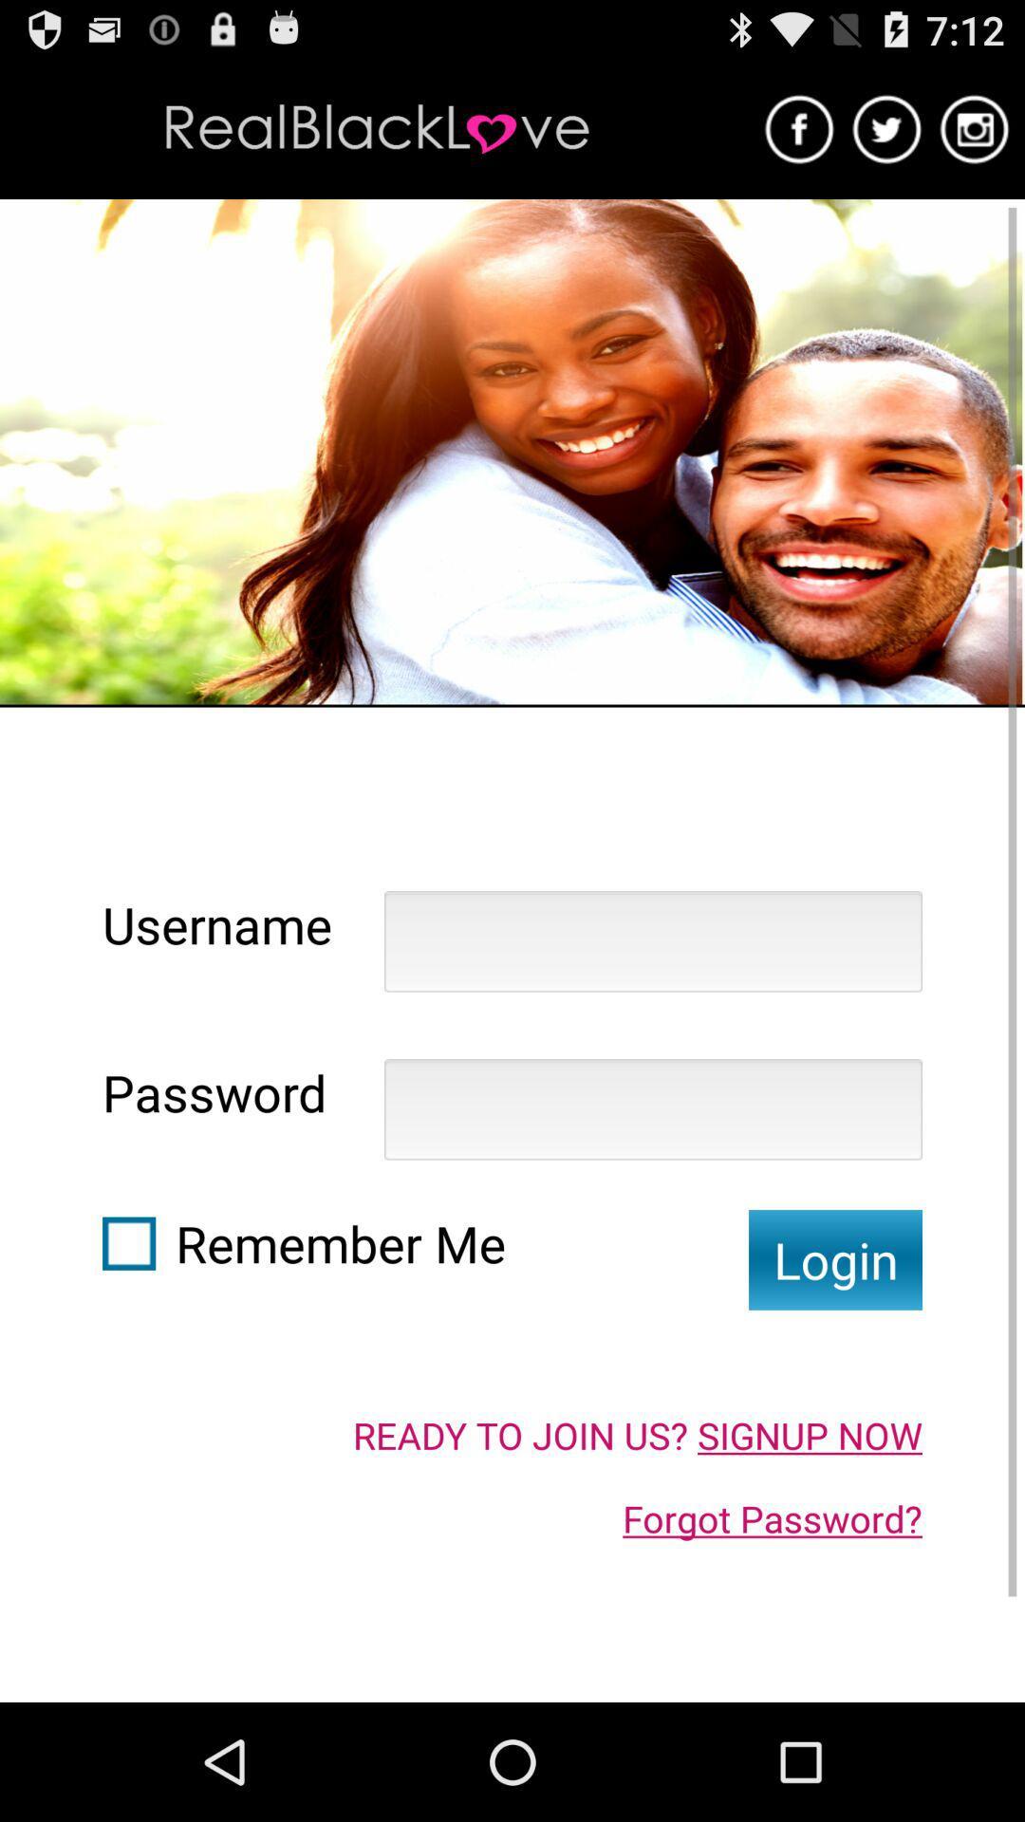 The width and height of the screenshot is (1025, 1822). Describe the element at coordinates (128, 1243) in the screenshot. I see `item below the password` at that location.